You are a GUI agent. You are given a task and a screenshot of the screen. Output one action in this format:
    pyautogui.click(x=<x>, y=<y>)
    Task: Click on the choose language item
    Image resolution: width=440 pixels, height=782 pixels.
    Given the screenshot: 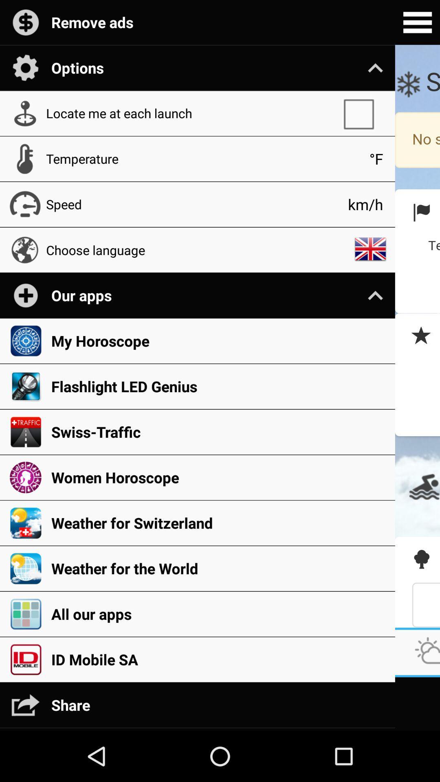 What is the action you would take?
    pyautogui.click(x=197, y=249)
    